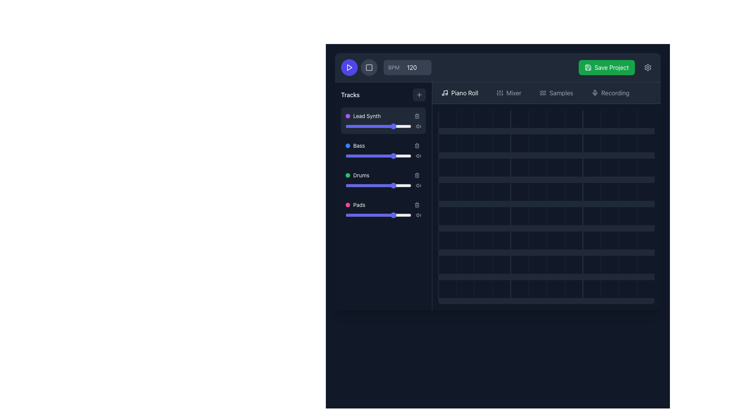 The width and height of the screenshot is (730, 410). I want to click on the grid cell located in the 7th column and 4th row of the dark-themed interface, which has a dark gray background and a hover effect, so click(555, 191).